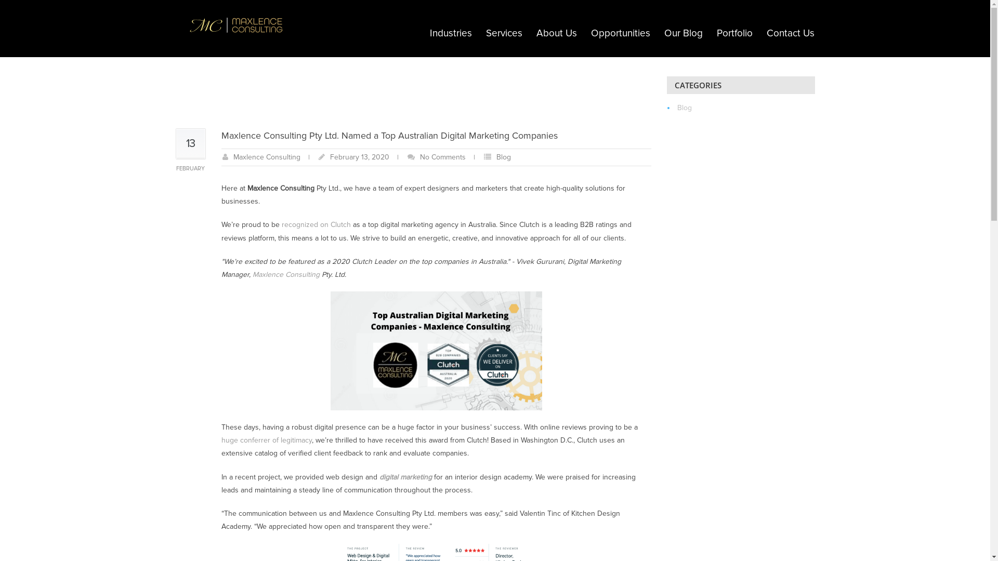  I want to click on 'Maxlence Consulting', so click(266, 157).